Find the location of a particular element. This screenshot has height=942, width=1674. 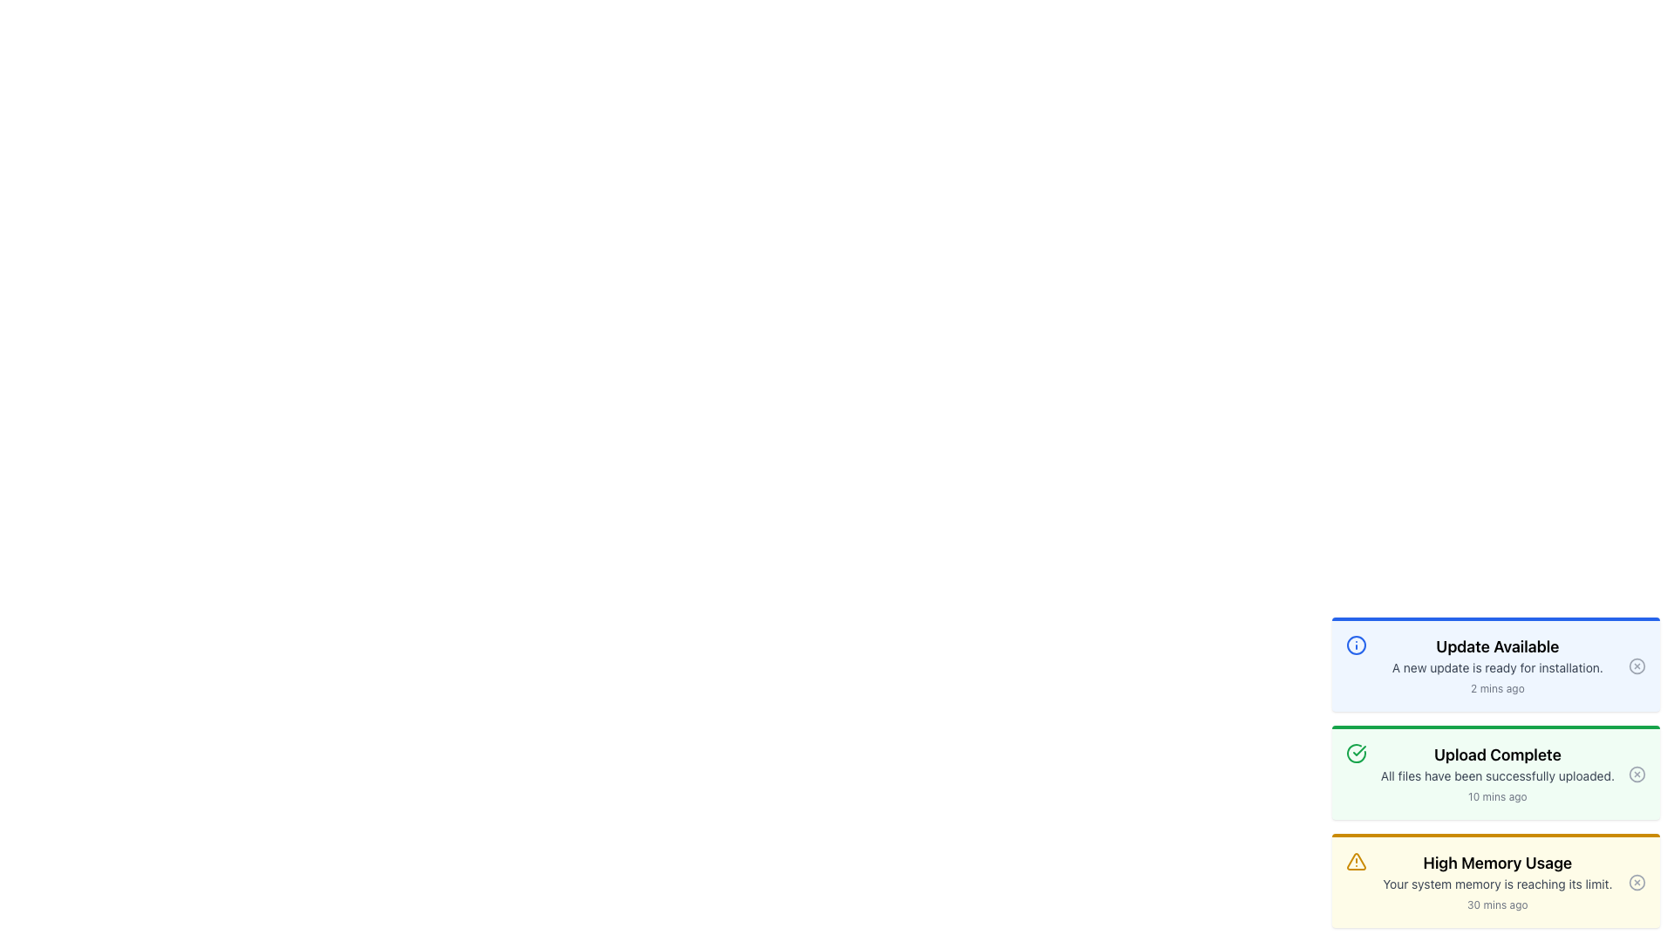

the text label displaying '30 mins ago' located at the bottom-right of the notification card titled 'High Memory Usage' is located at coordinates (1496, 904).